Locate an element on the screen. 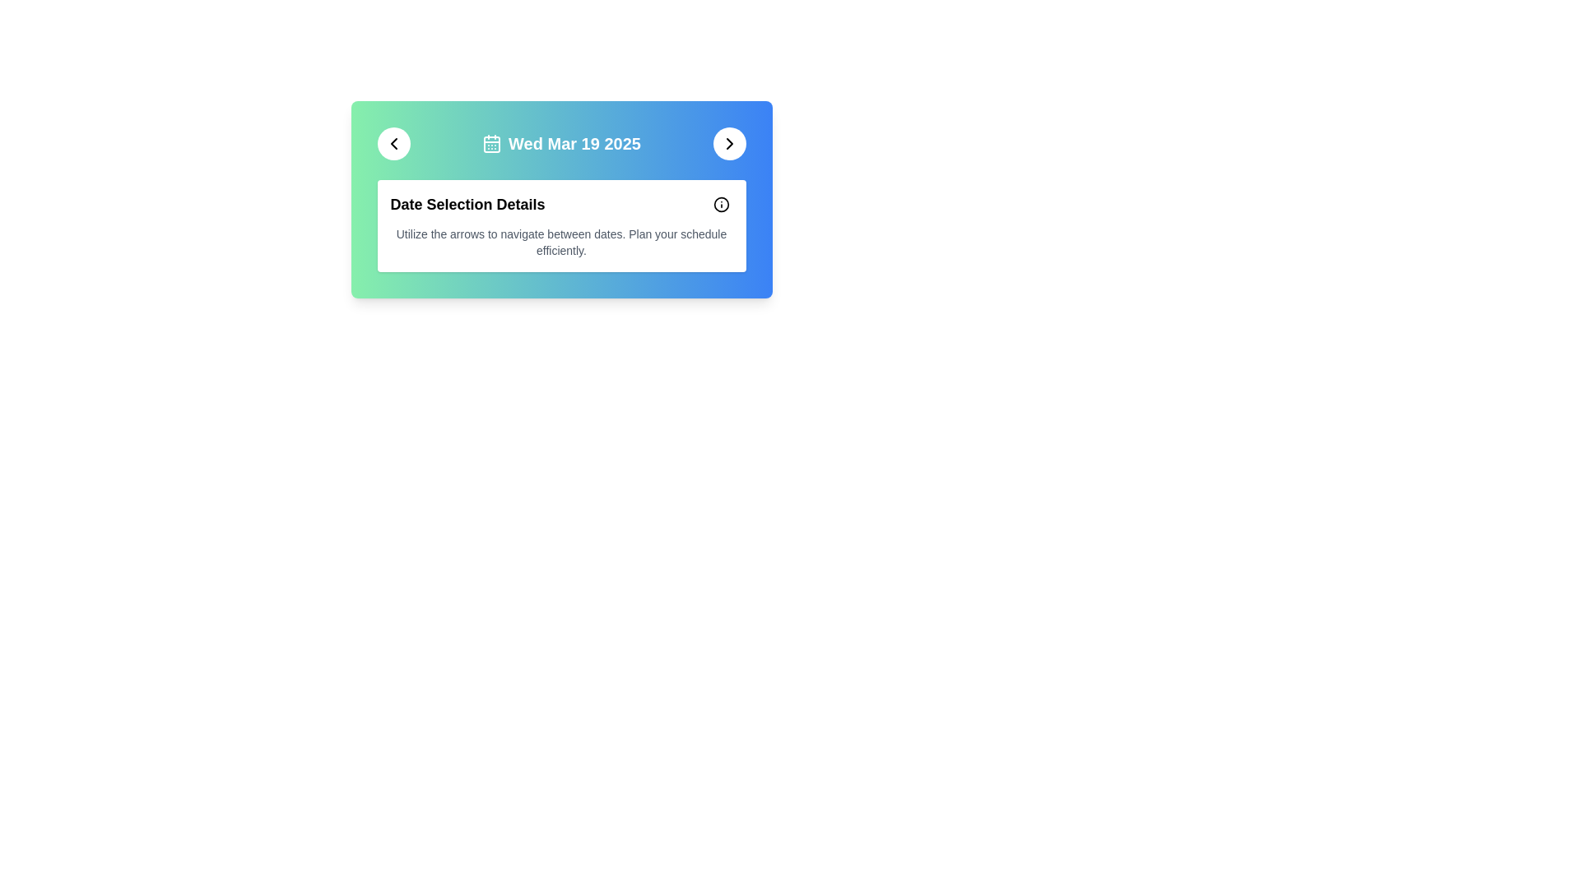 The image size is (1580, 888). the specific area within the calendar icon that represents a day or cell in the calendar grid is located at coordinates (491, 144).